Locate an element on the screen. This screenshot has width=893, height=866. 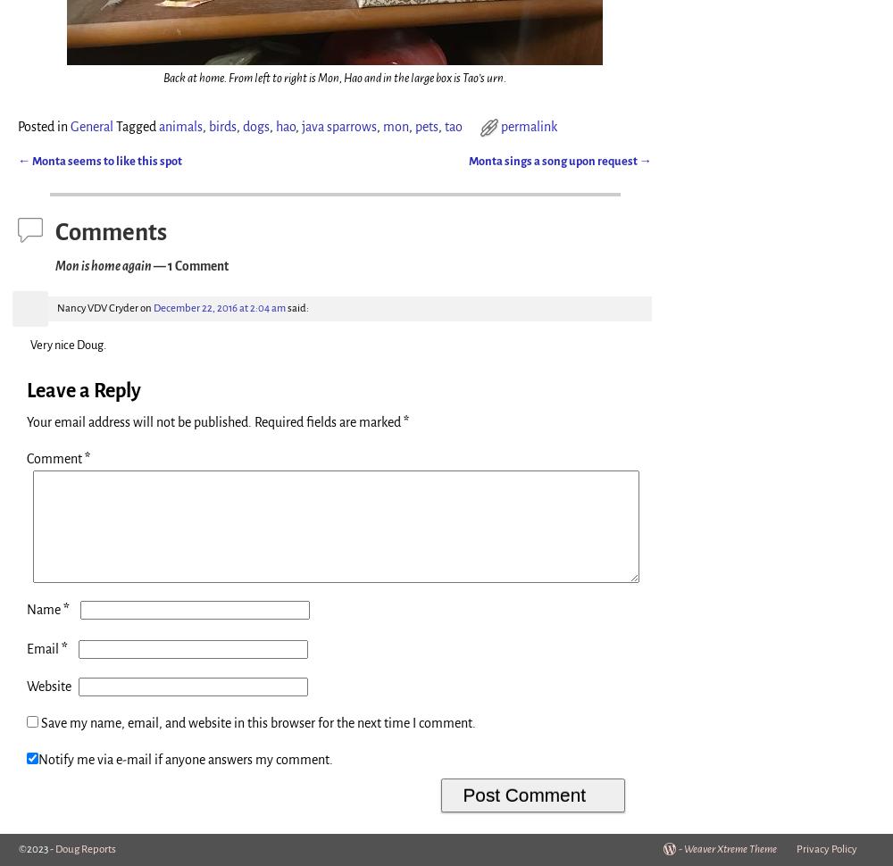
'December 22, 2016 at 2:04 am' is located at coordinates (219, 306).